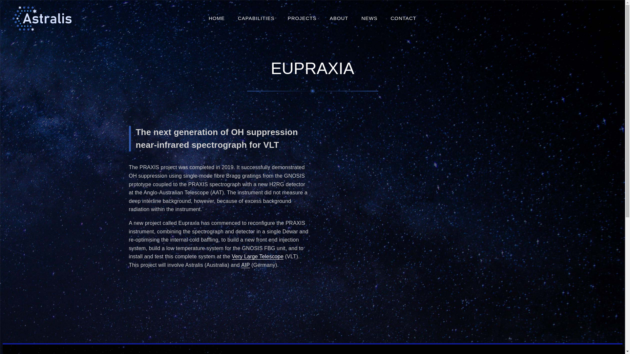 The width and height of the screenshot is (630, 354). Describe the element at coordinates (256, 18) in the screenshot. I see `'CAPABILITIES'` at that location.